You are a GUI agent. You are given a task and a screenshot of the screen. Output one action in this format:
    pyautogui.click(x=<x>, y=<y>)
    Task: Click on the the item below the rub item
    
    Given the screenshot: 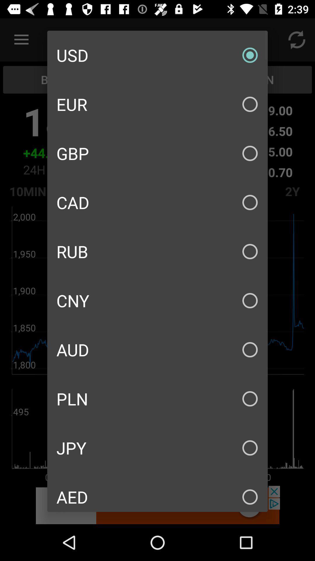 What is the action you would take?
    pyautogui.click(x=157, y=300)
    